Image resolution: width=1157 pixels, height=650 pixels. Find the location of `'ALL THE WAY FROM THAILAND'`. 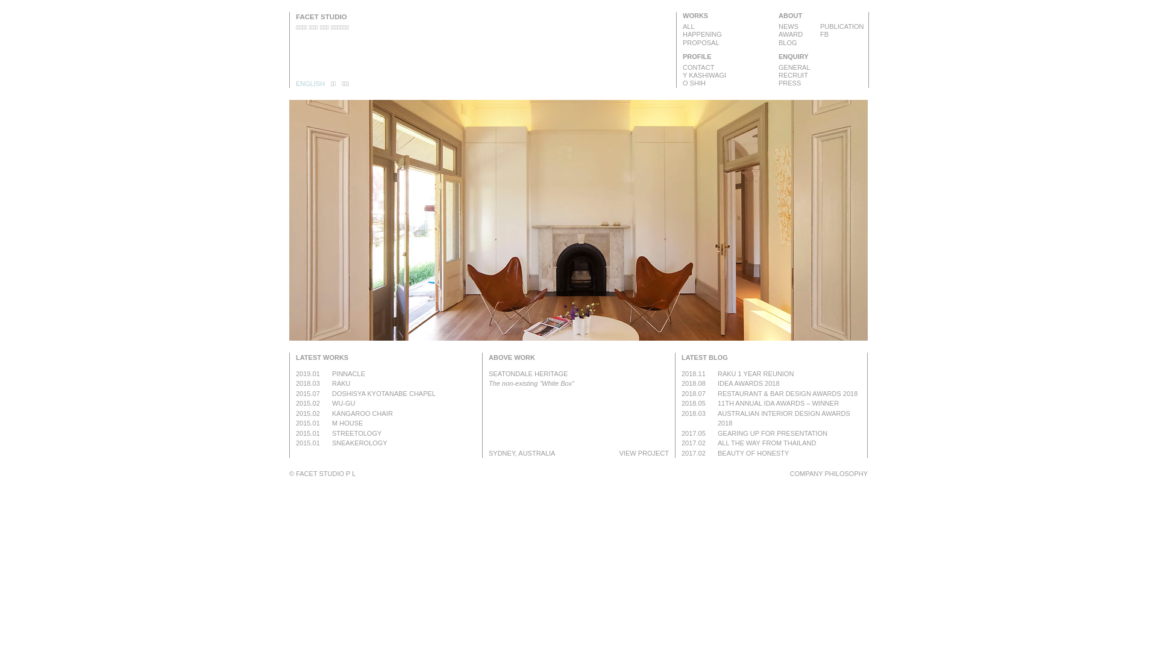

'ALL THE WAY FROM THAILAND' is located at coordinates (789, 443).